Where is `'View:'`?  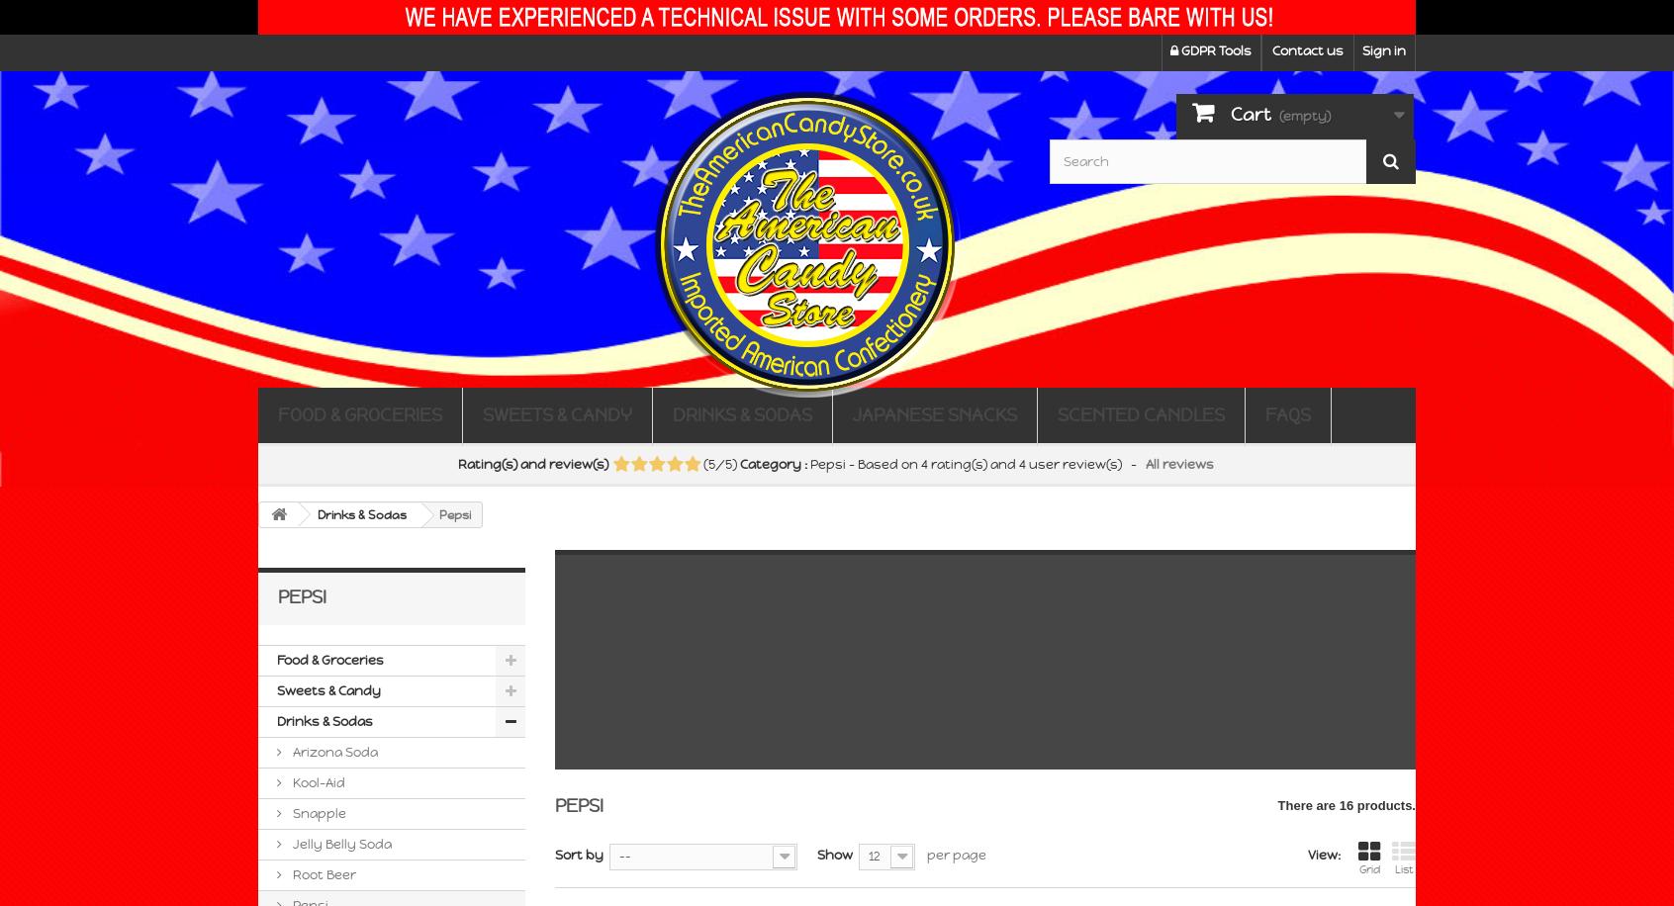 'View:' is located at coordinates (1323, 854).